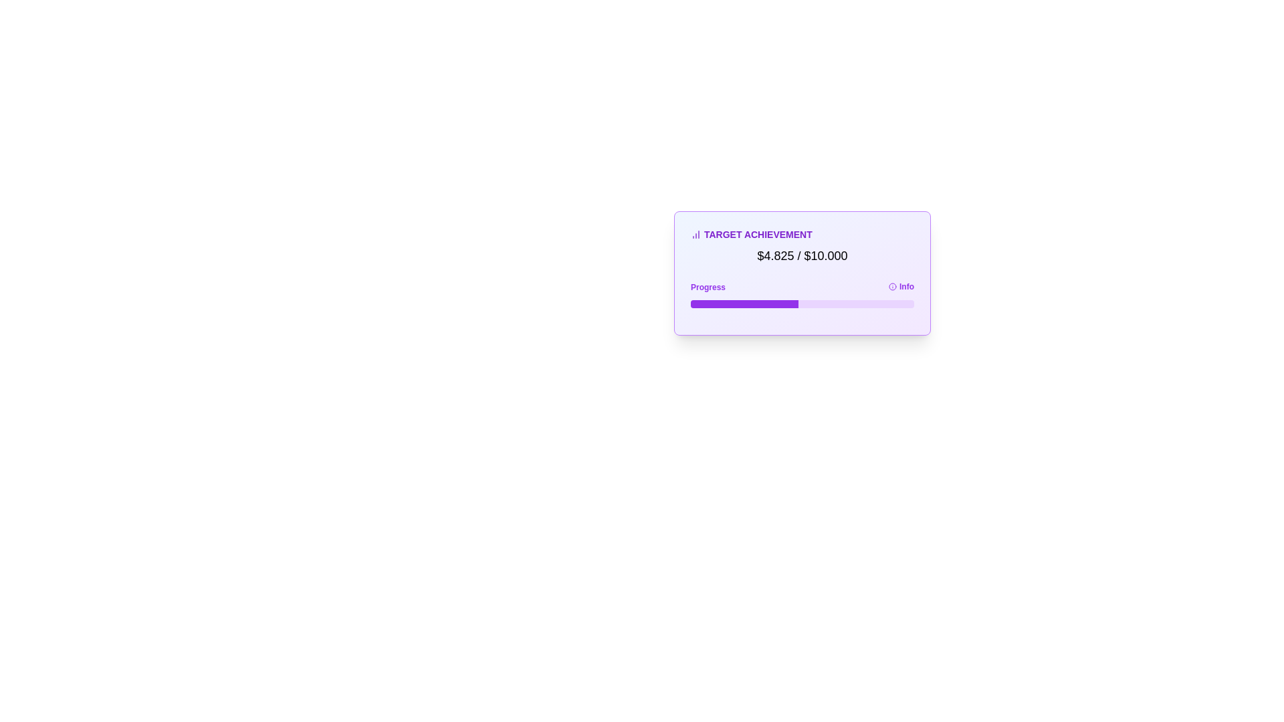 The width and height of the screenshot is (1284, 722). What do you see at coordinates (892, 285) in the screenshot?
I see `the circle part of the info icon located at the bottom-right corner of the 'Target Achievement' panel` at bounding box center [892, 285].